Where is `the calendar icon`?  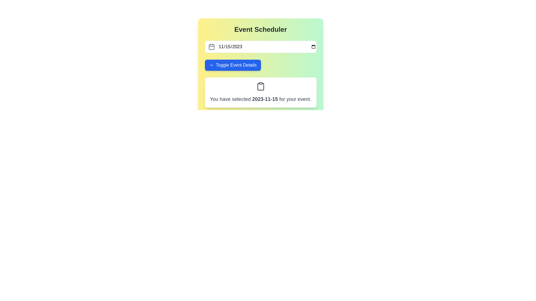 the calendar icon is located at coordinates (211, 47).